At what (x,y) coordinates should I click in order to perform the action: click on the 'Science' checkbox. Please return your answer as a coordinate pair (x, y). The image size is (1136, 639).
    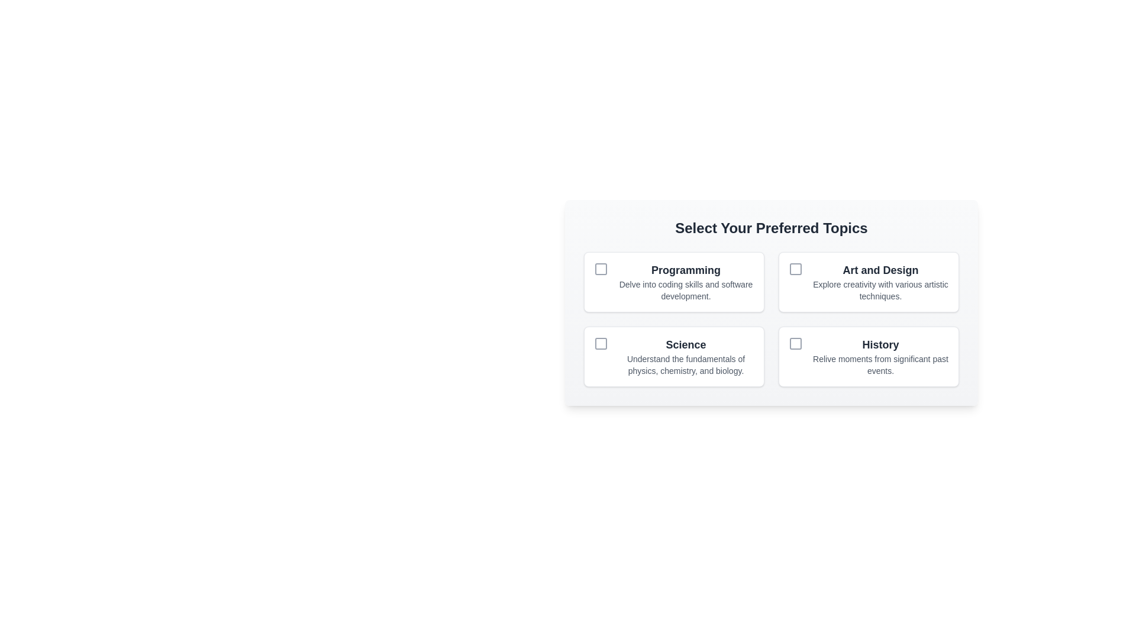
    Looking at the image, I should click on (601, 344).